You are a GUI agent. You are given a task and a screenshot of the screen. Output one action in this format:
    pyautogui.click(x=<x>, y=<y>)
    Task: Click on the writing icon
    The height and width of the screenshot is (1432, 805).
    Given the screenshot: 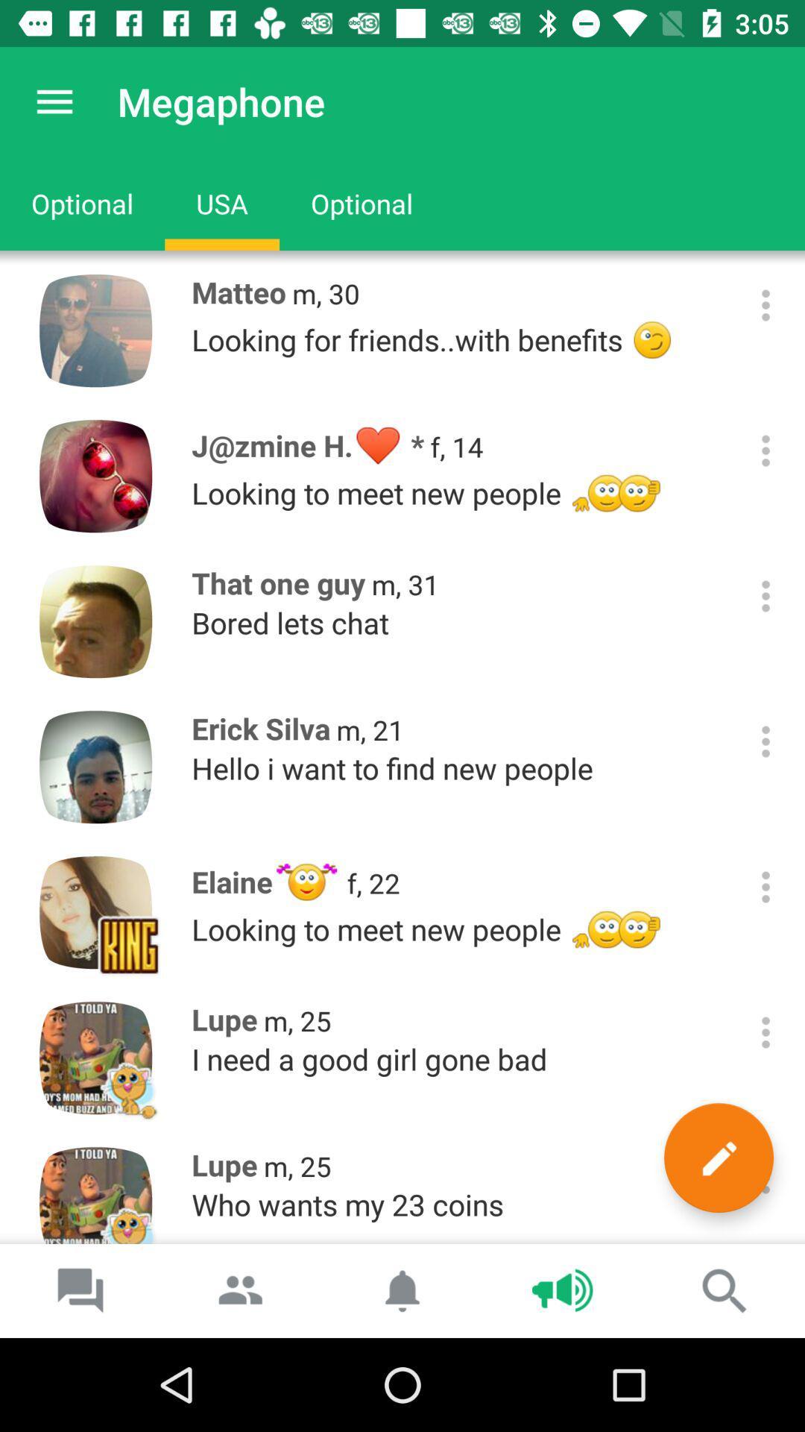 What is the action you would take?
    pyautogui.click(x=718, y=1157)
    